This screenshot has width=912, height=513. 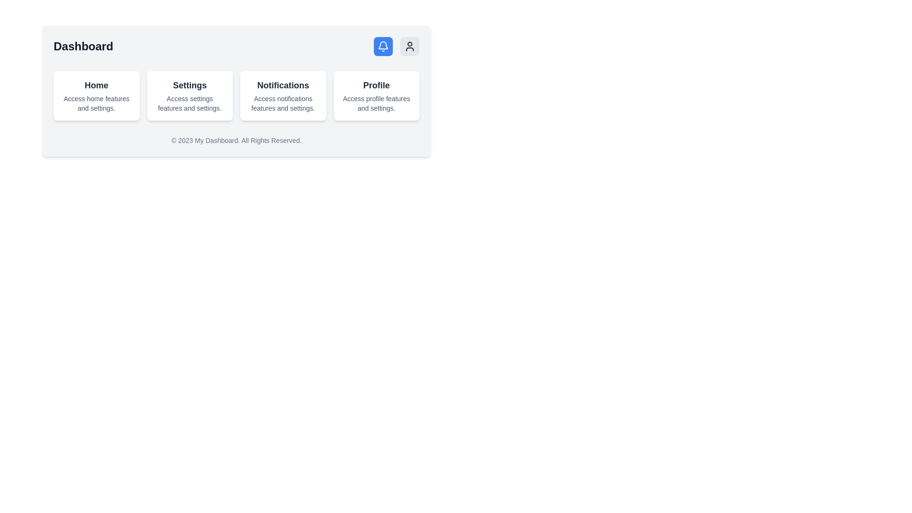 I want to click on the informational card located in the top-right corner of the grid layout, so click(x=376, y=95).